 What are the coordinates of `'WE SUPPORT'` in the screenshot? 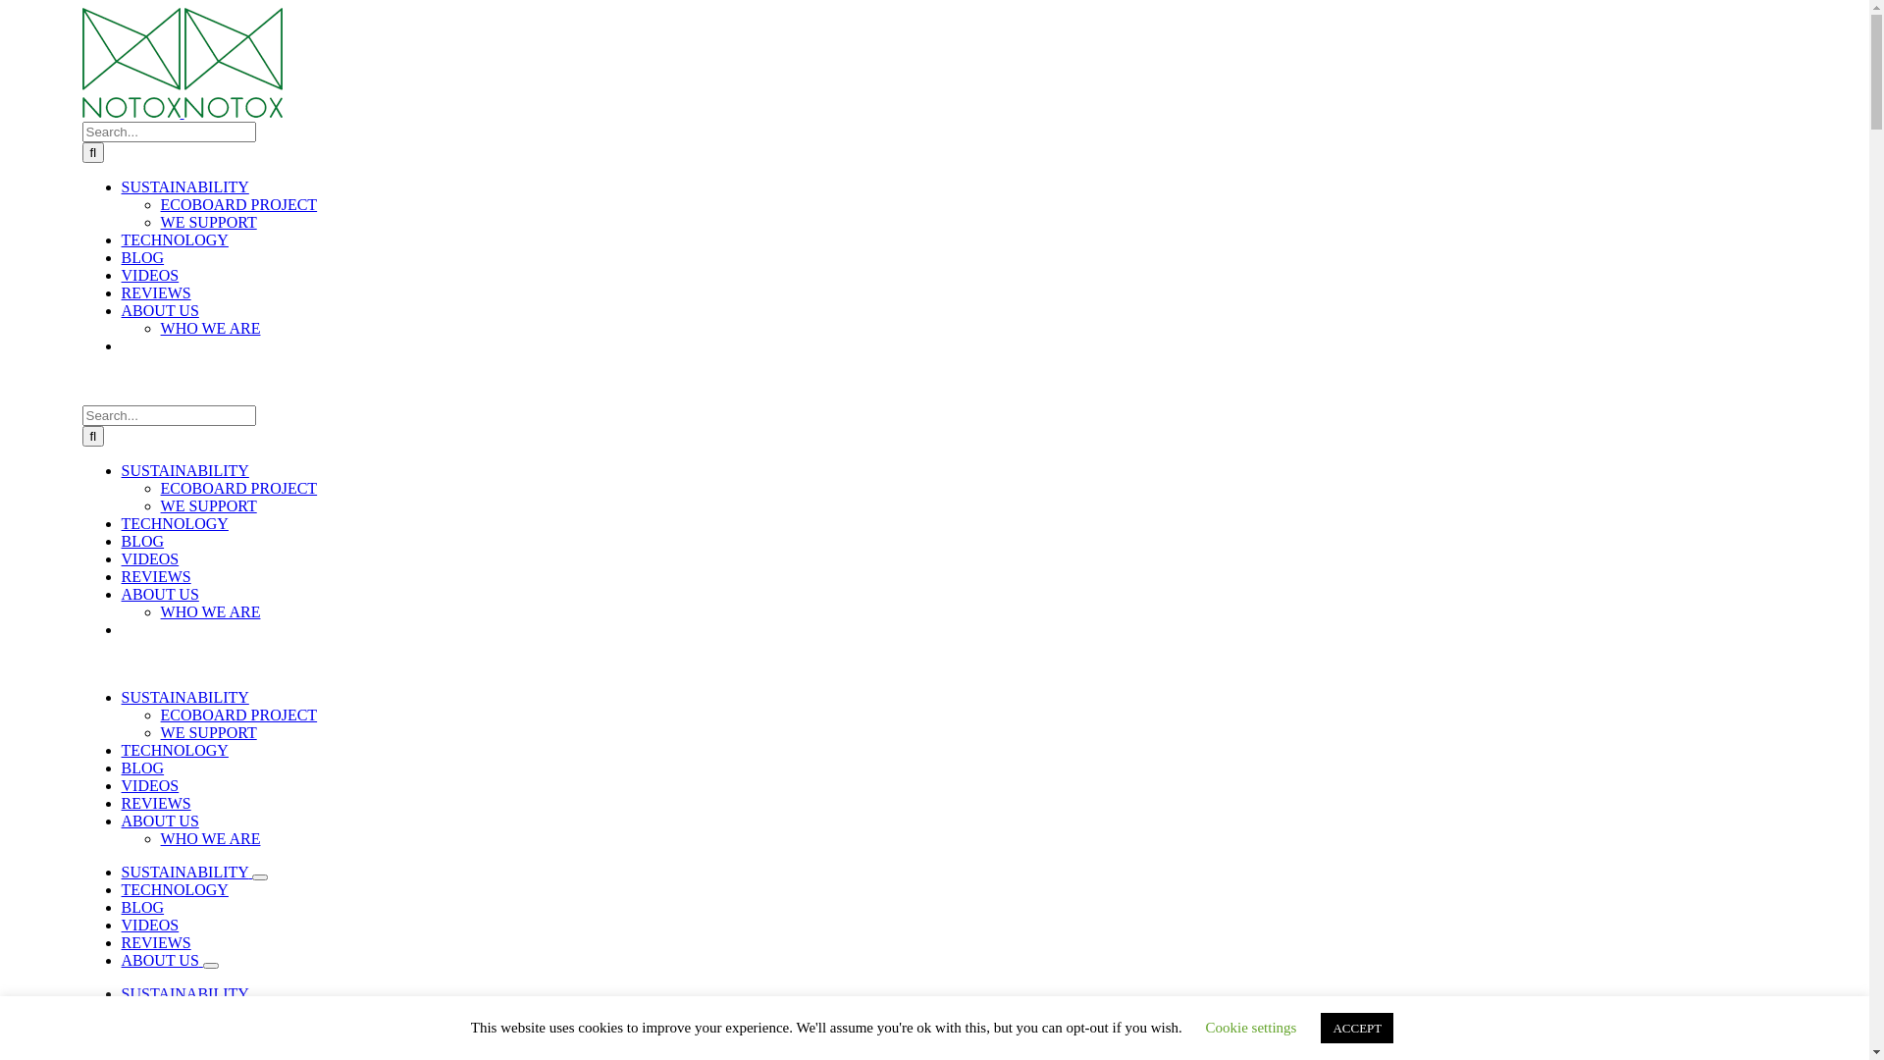 It's located at (208, 221).